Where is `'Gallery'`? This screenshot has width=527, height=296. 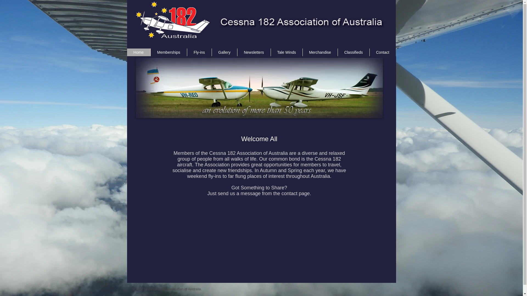 'Gallery' is located at coordinates (224, 52).